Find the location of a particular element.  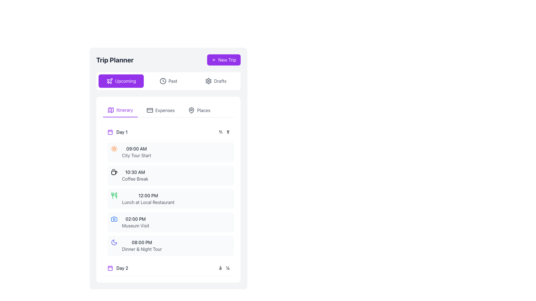

the fourth entry in the Day 1 itinerary list is located at coordinates (135, 222).